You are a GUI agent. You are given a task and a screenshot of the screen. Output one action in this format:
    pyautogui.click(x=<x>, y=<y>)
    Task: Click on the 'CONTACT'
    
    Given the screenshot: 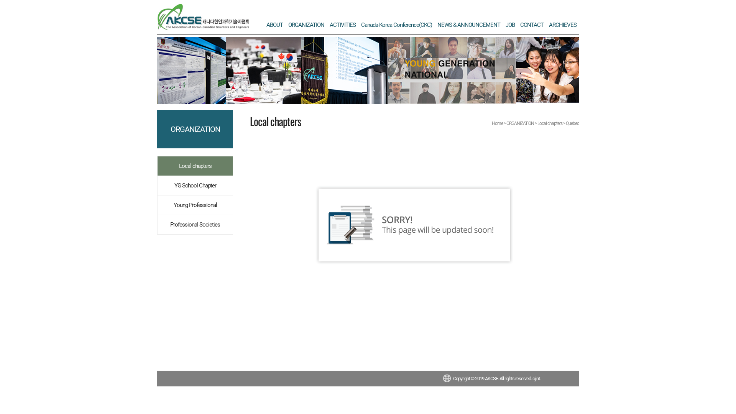 What is the action you would take?
    pyautogui.click(x=531, y=25)
    